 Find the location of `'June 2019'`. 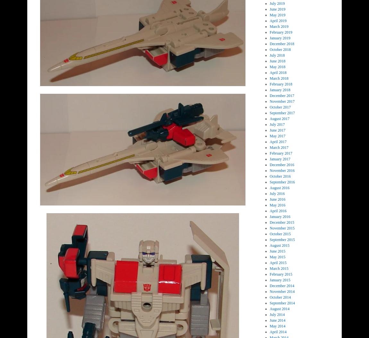

'June 2019' is located at coordinates (277, 9).